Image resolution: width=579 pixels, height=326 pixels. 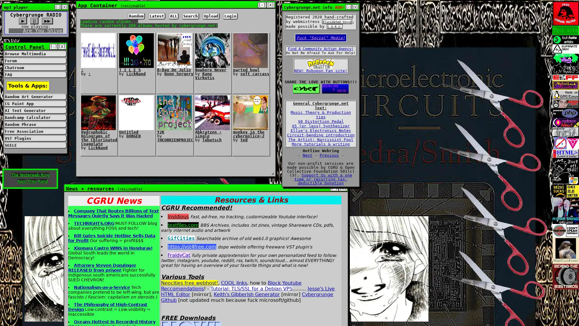 I want to click on [X], so click(x=355, y=7).